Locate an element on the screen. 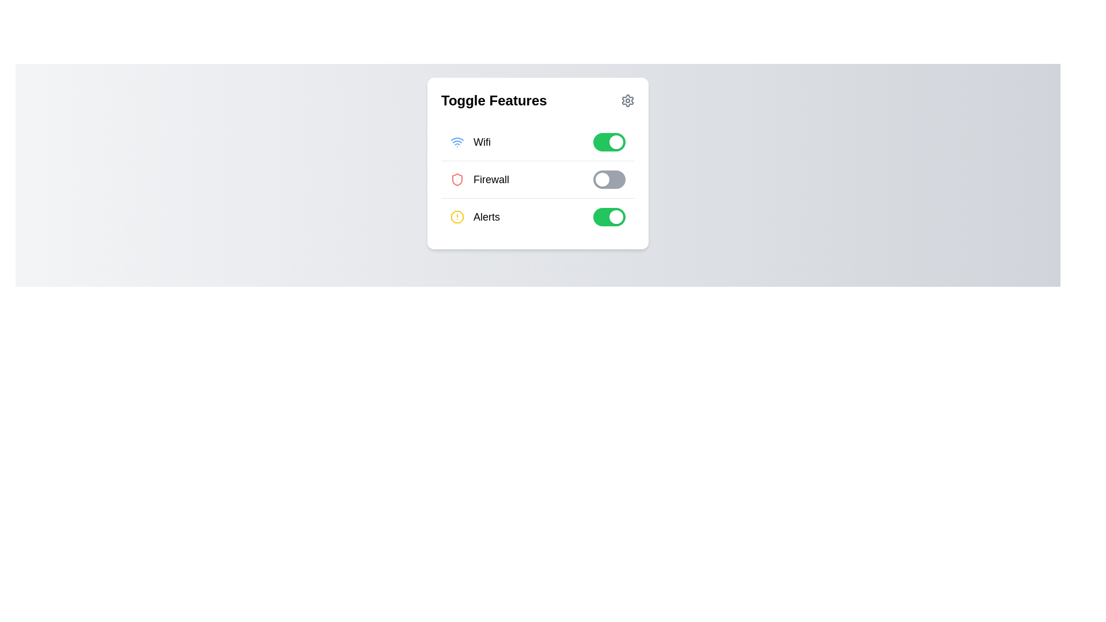 The image size is (1106, 622). the circular toggle indicator located on the far right side of the active green toggle switch for the 'Wifi' setting to determine its current state is located at coordinates (616, 141).